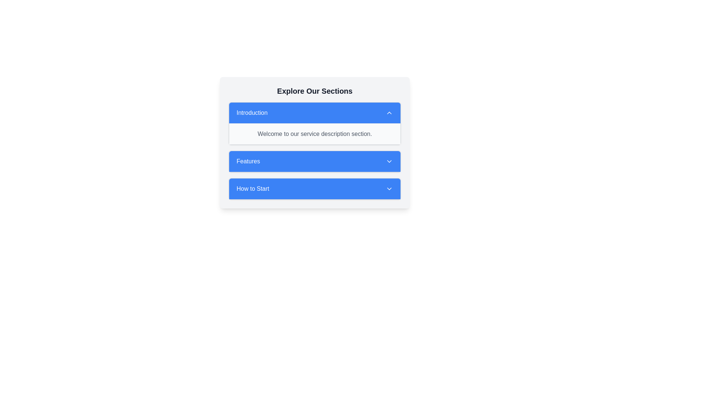 The width and height of the screenshot is (712, 400). I want to click on the chevron-shaped Toggle/Expand-Collapse Icon located at the top-right corner of the 'Introduction' header section, so click(389, 113).